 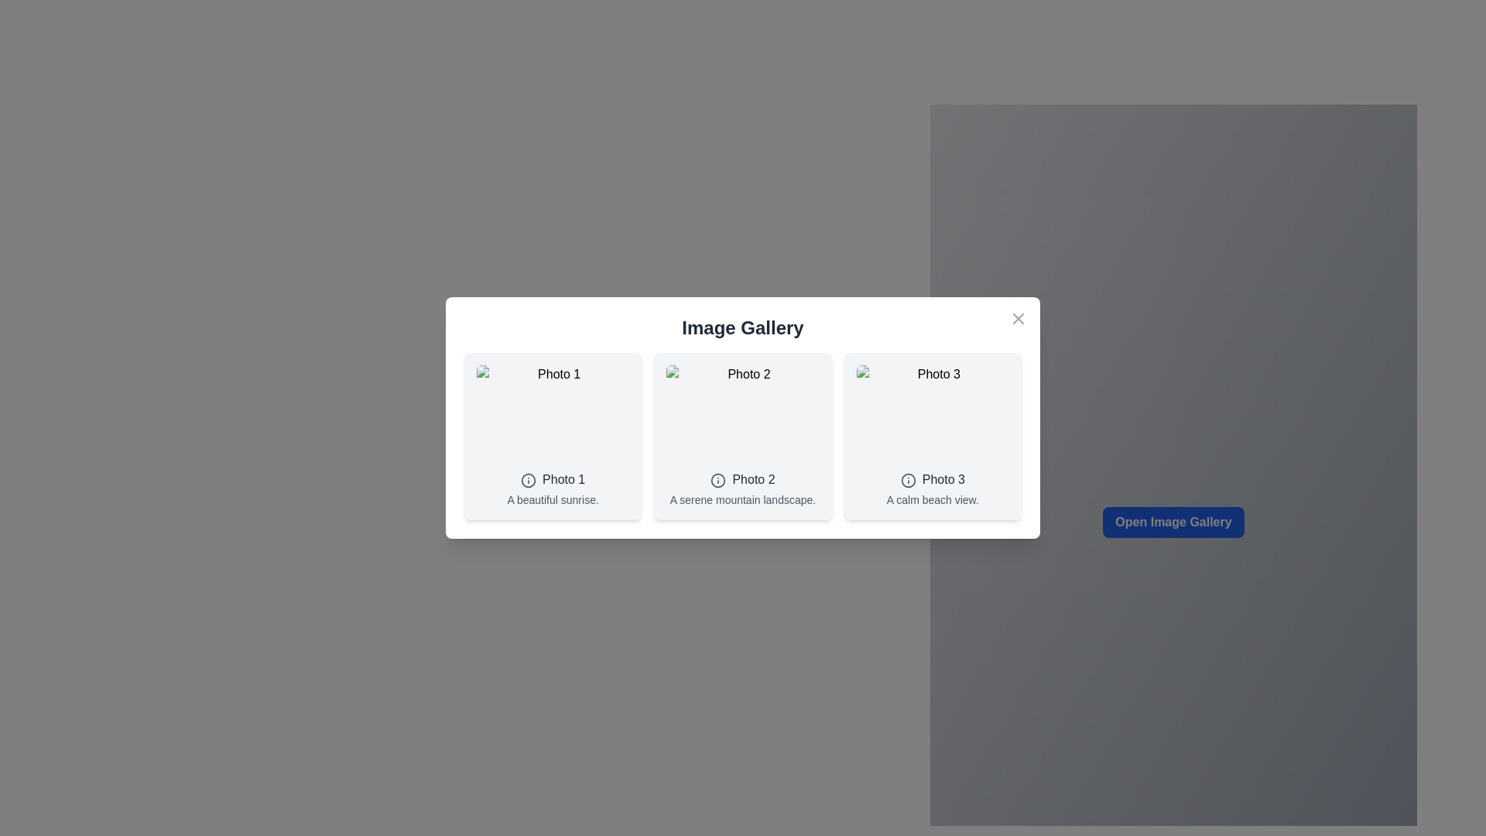 What do you see at coordinates (932, 436) in the screenshot?
I see `the Information card, which is the third item in a grid layout` at bounding box center [932, 436].